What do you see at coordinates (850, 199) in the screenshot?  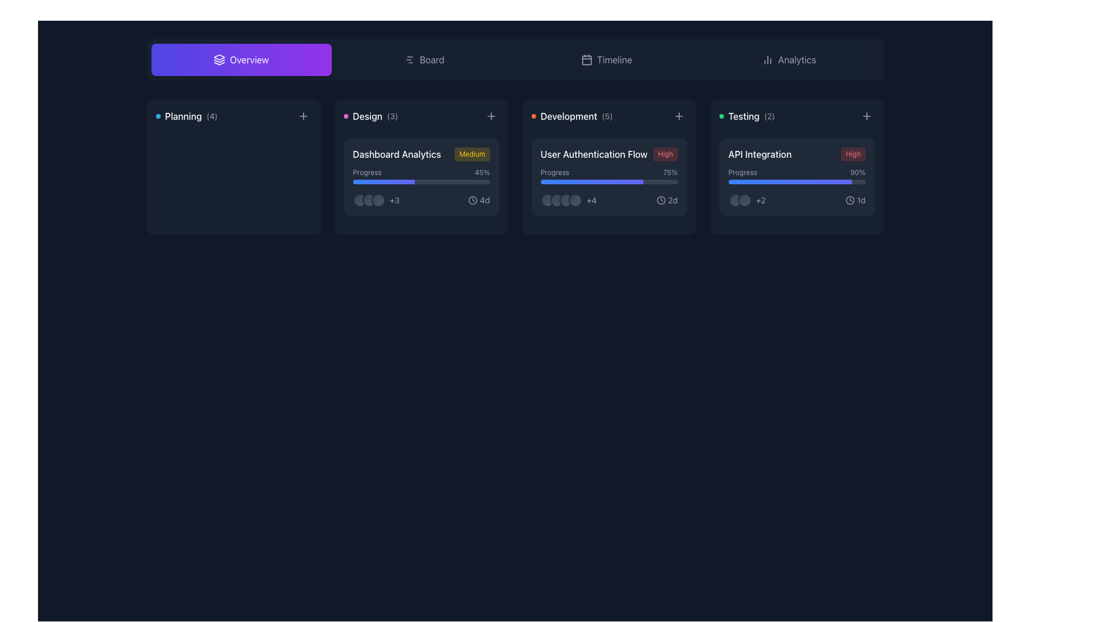 I see `the small circular clock icon located in the Testing column under the API Integration item` at bounding box center [850, 199].